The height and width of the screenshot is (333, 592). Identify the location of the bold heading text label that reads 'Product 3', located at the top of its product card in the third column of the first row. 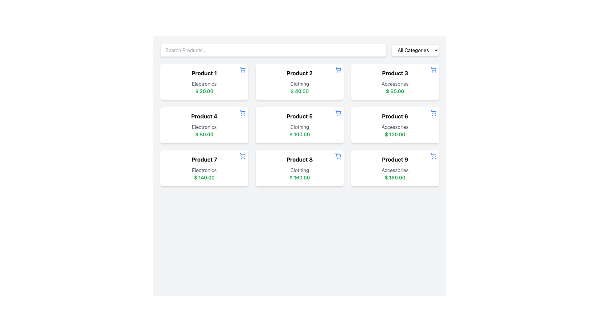
(395, 73).